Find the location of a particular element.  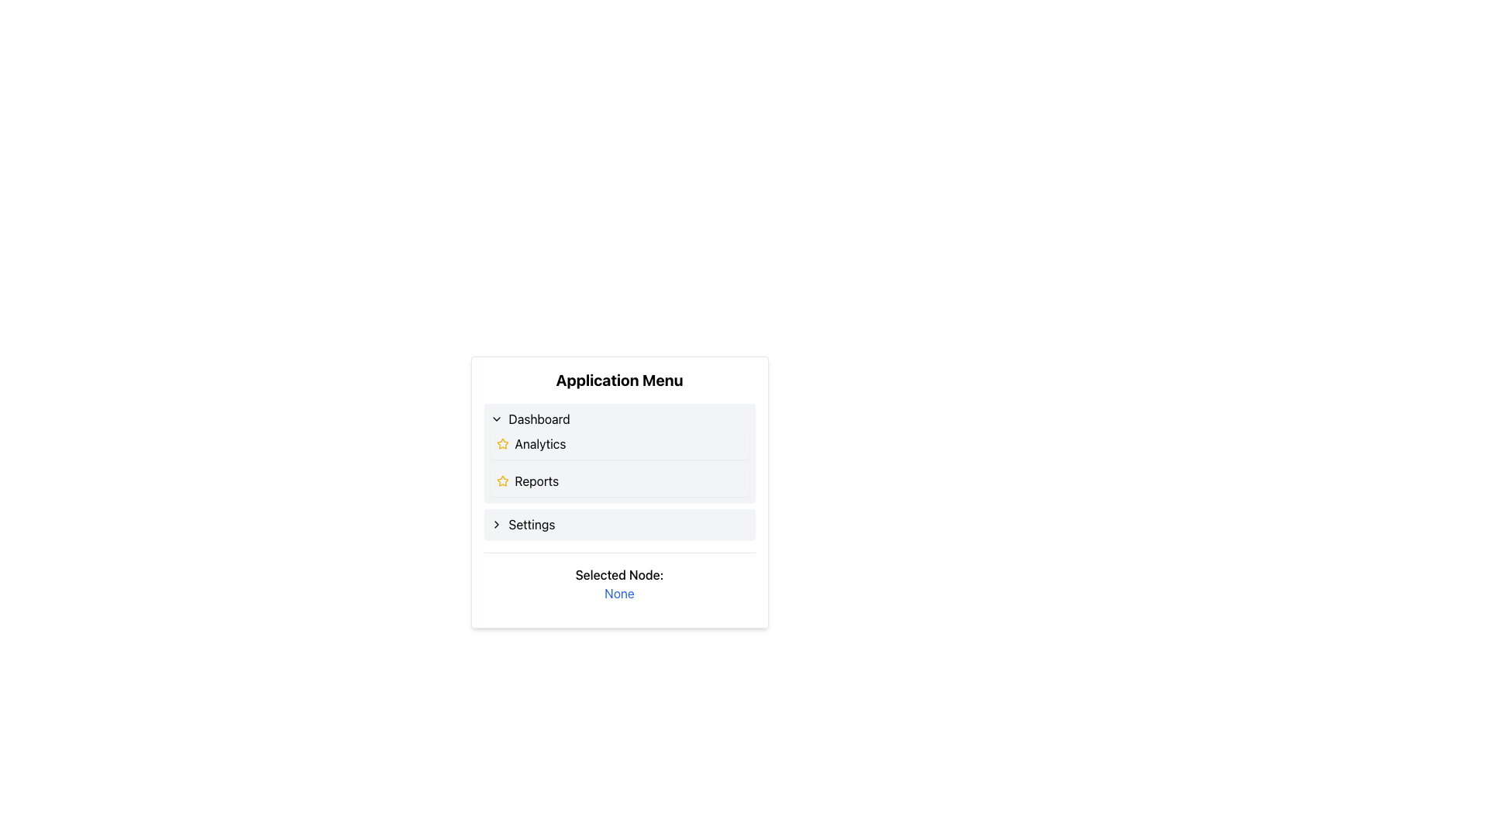

the 'Settings' row in the 'Application Menu' modal is located at coordinates (618, 518).